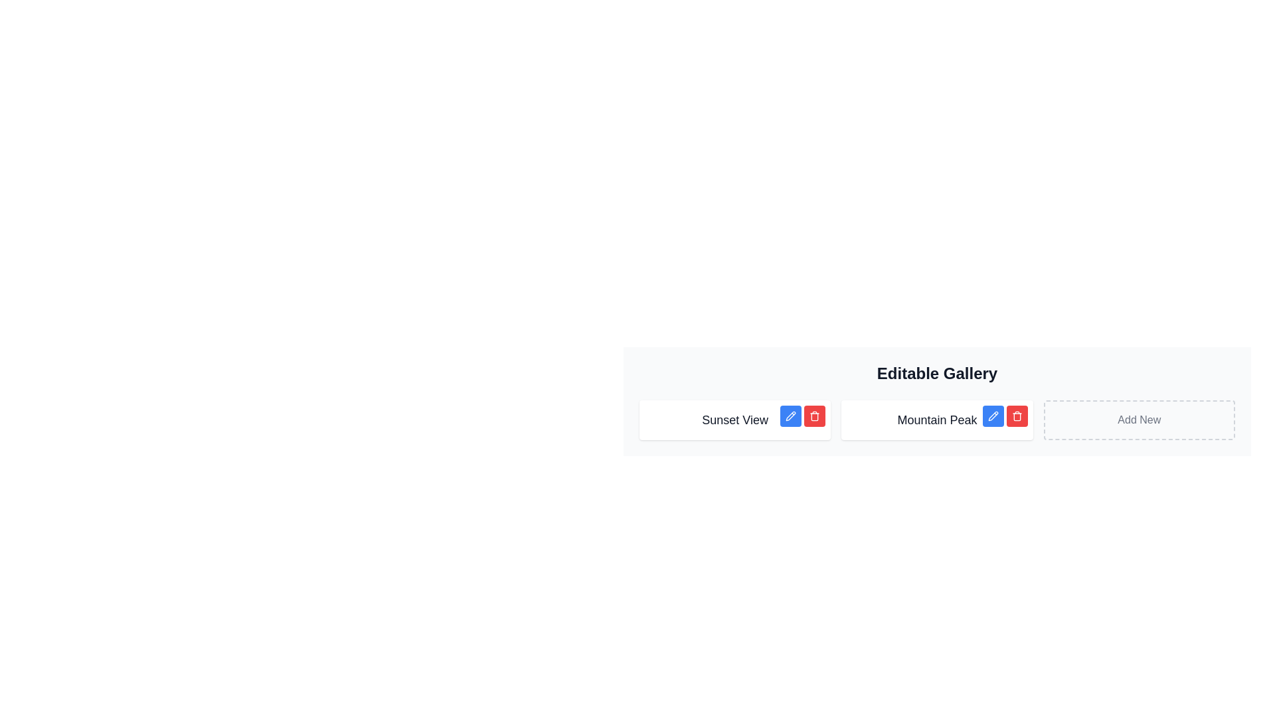  I want to click on the 'delete' action button located to the right of the blue pencil icon button in the 'Mountain Peak' row, so click(1016, 416).